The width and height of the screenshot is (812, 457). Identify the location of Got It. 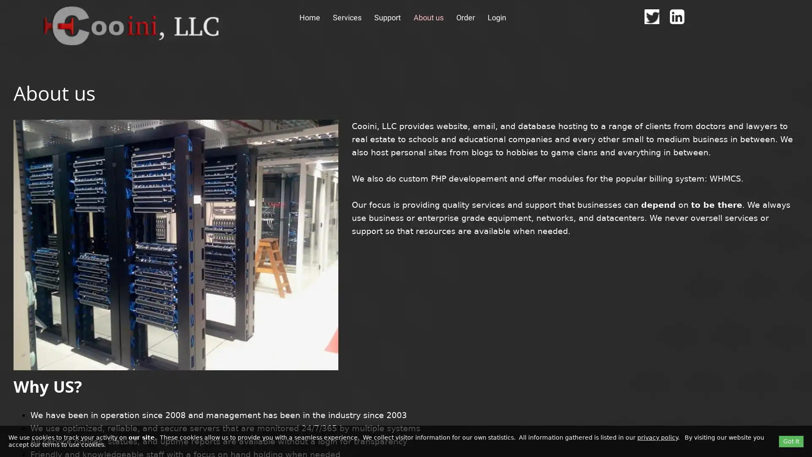
(791, 440).